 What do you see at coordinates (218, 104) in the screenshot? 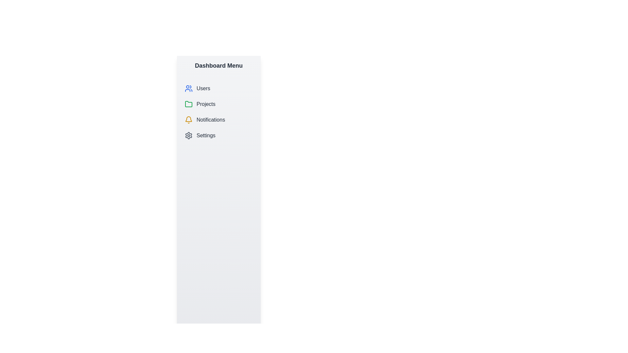
I see `the menu item Projects to view its hover effect` at bounding box center [218, 104].